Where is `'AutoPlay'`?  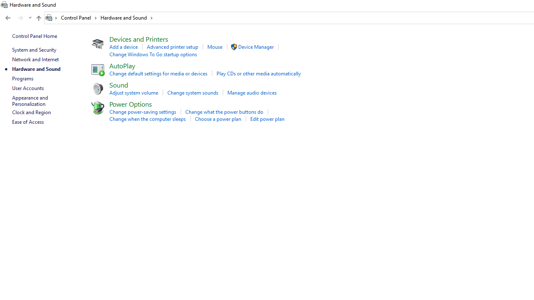
'AutoPlay' is located at coordinates (122, 65).